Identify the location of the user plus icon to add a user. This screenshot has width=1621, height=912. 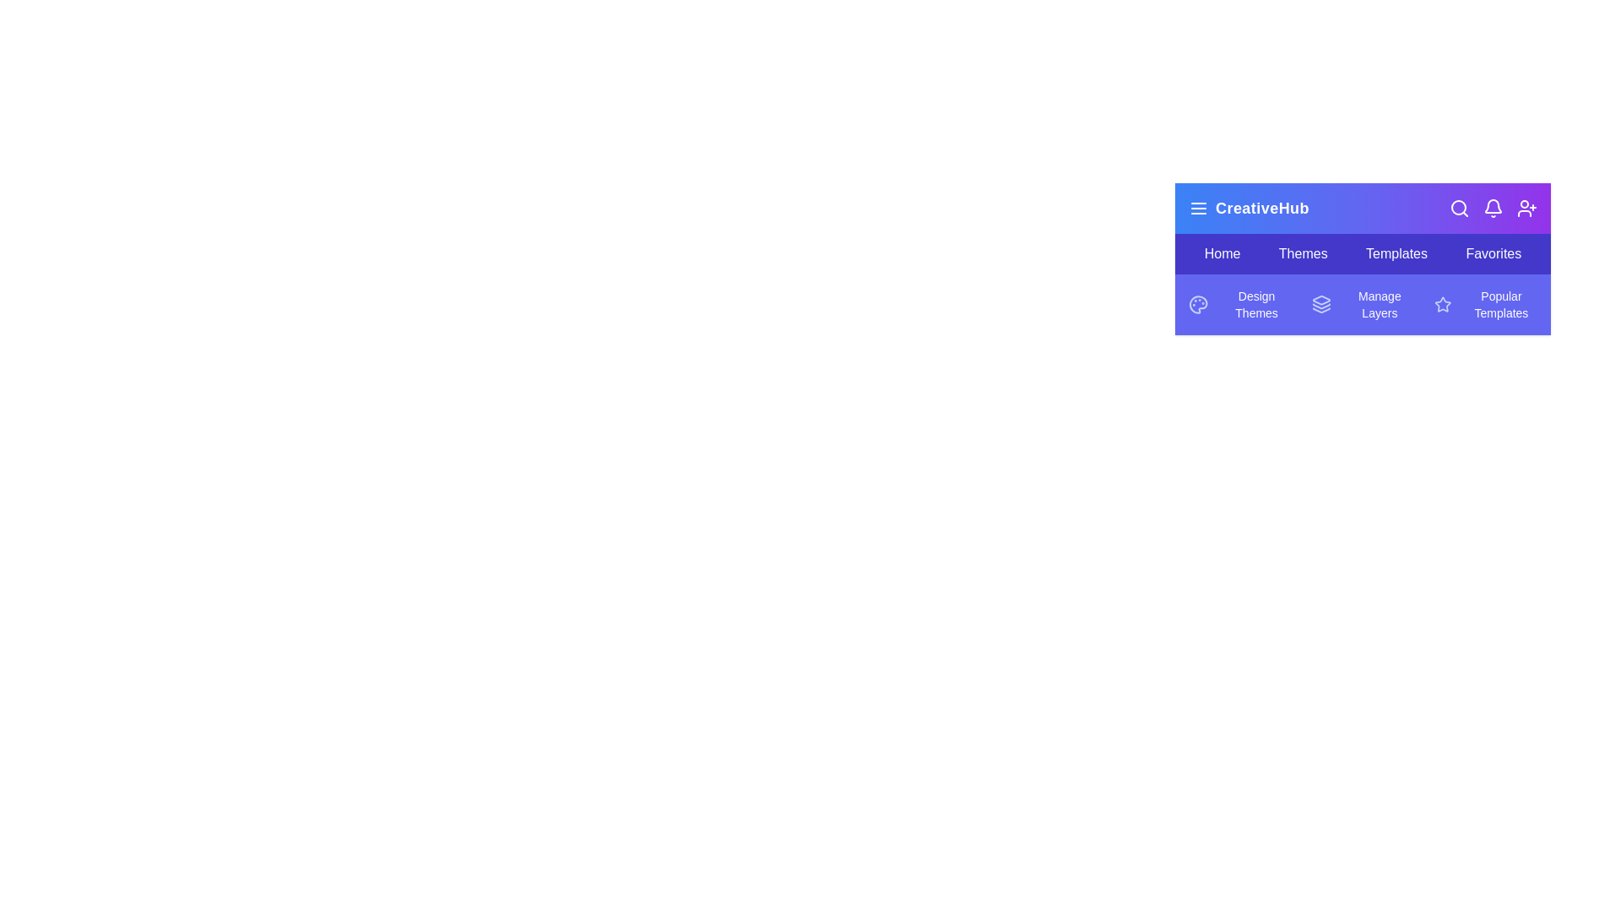
(1527, 207).